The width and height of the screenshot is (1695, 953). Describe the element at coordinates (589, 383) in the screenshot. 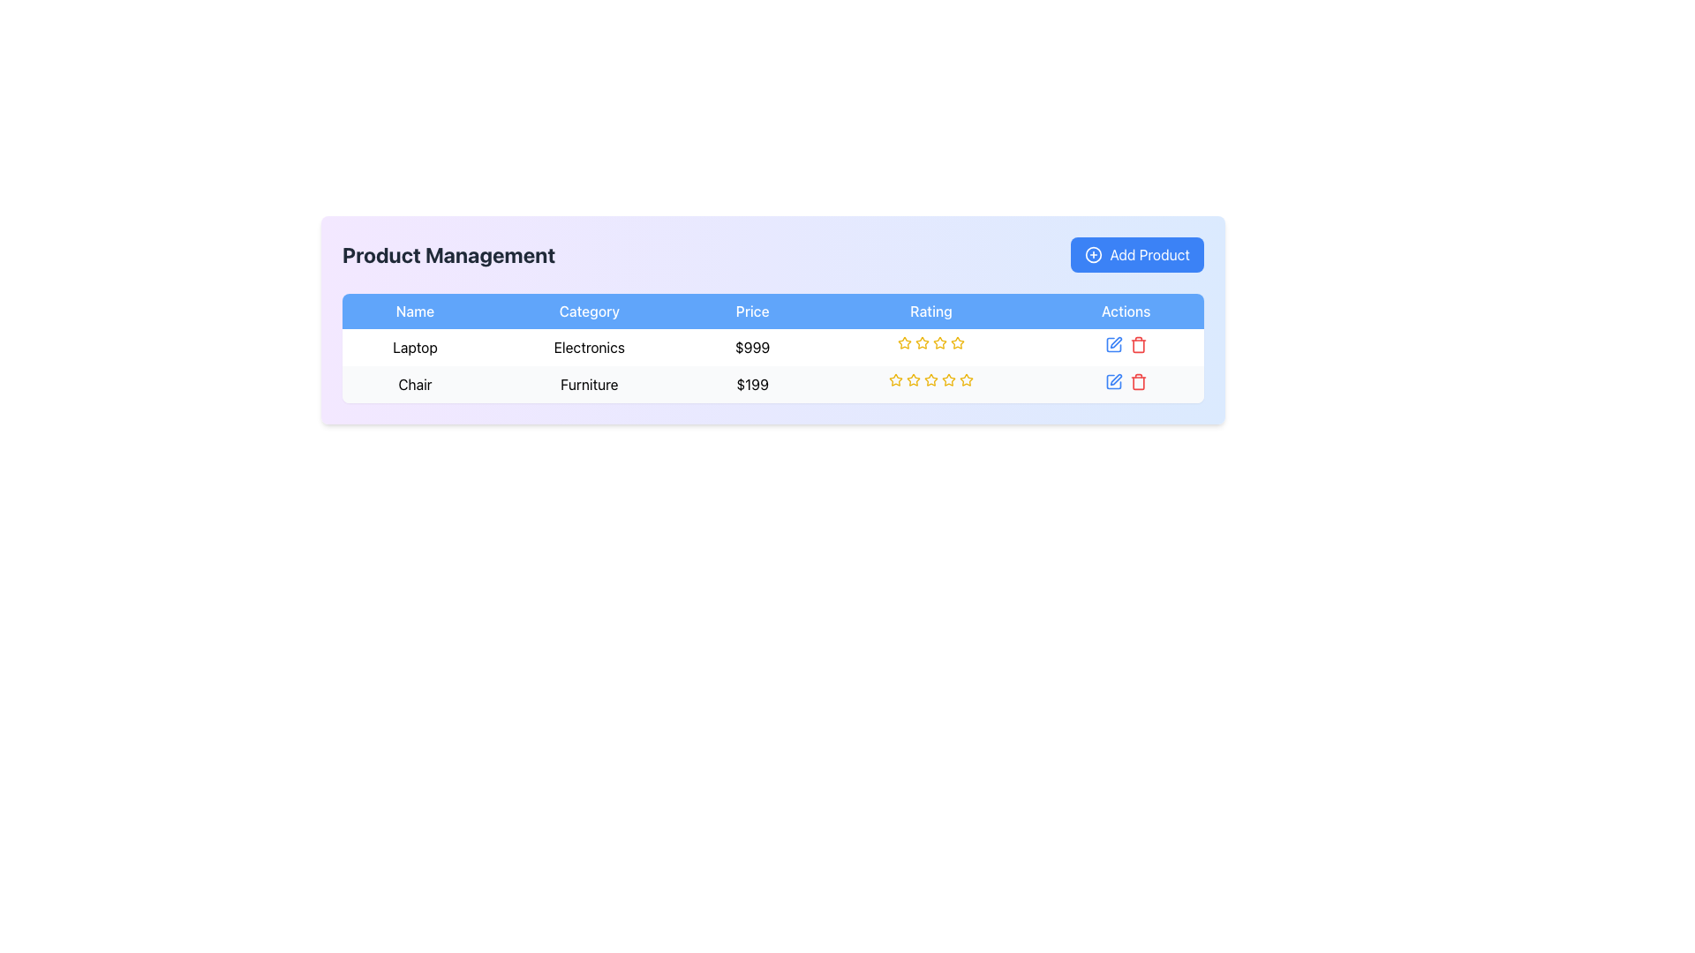

I see `the text label displaying 'Furniture' which is in bold sans-serif font, located in the second row under the 'Category' column of the table, between 'Chair' and '$199'` at that location.